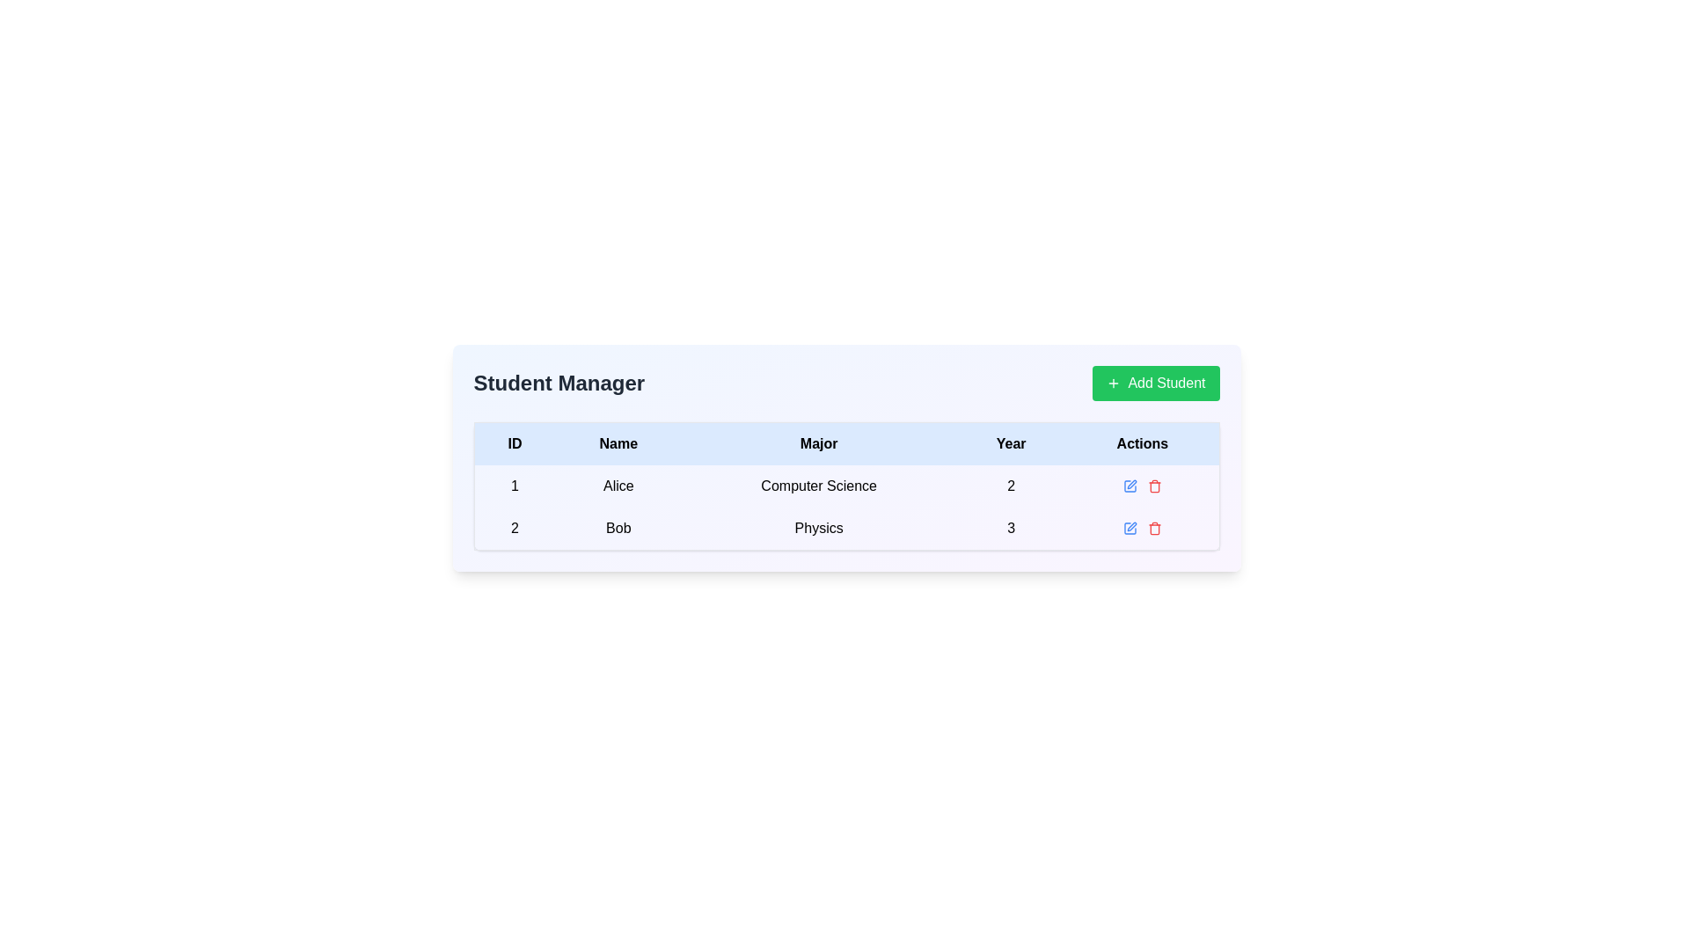 This screenshot has width=1689, height=950. What do you see at coordinates (1131, 525) in the screenshot?
I see `the edit icon in the 'Actions' column for the row corresponding to the student 'Bob'` at bounding box center [1131, 525].